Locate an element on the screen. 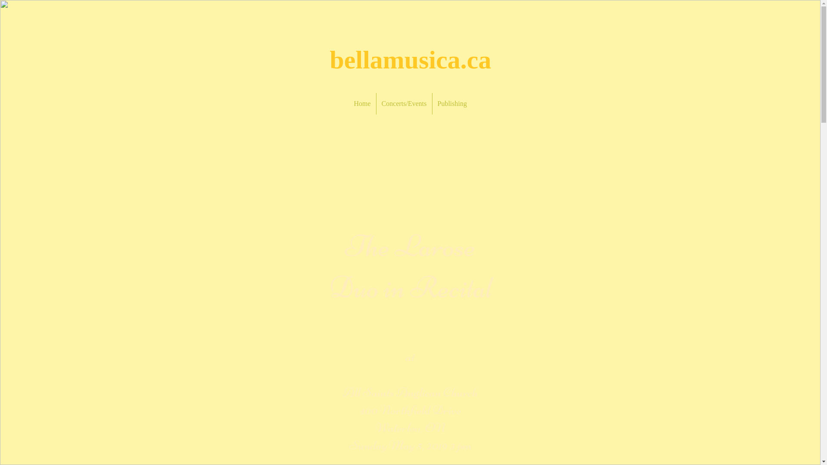 The width and height of the screenshot is (827, 465). 'Home' is located at coordinates (362, 103).